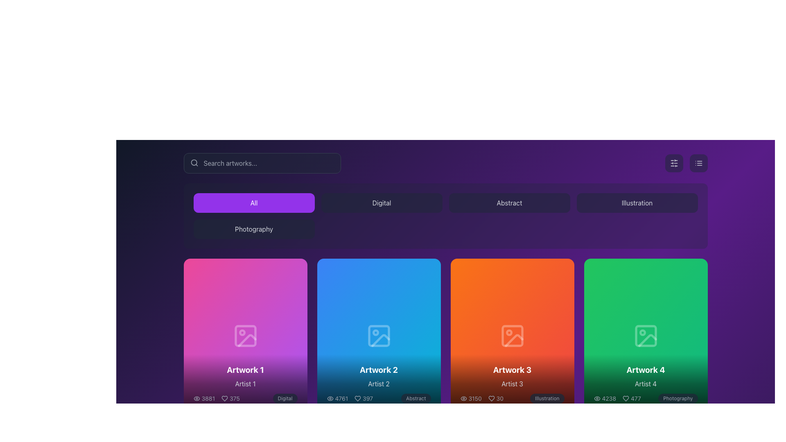 This screenshot has width=786, height=442. Describe the element at coordinates (463, 398) in the screenshot. I see `the eye-shaped icon positioned to the left of the text '3150', which indicates the view count for 'Artwork 3'` at that location.